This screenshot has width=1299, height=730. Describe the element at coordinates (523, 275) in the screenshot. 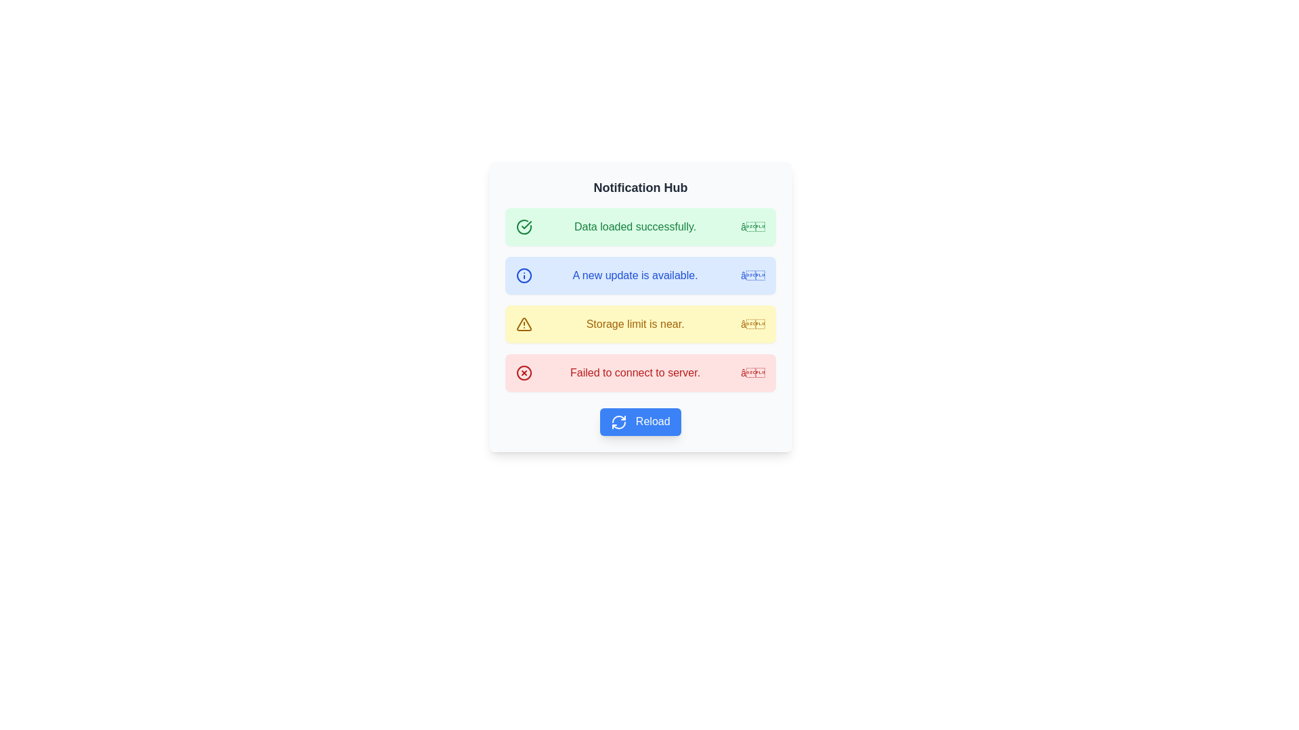

I see `the informational icon located to the left of the text 'A new update is available.' in a notification row with a blue background` at that location.